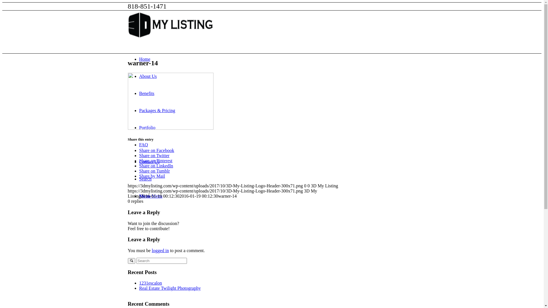  Describe the element at coordinates (149, 162) in the screenshot. I see `'Contact Us'` at that location.